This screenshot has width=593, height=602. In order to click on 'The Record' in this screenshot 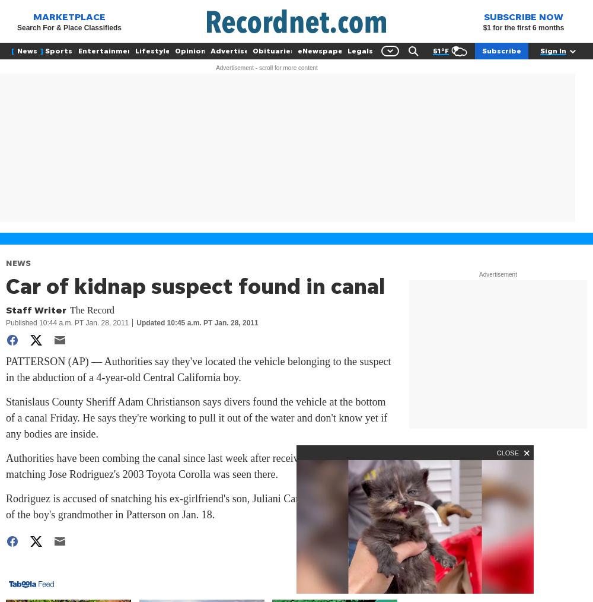, I will do `click(69, 309)`.